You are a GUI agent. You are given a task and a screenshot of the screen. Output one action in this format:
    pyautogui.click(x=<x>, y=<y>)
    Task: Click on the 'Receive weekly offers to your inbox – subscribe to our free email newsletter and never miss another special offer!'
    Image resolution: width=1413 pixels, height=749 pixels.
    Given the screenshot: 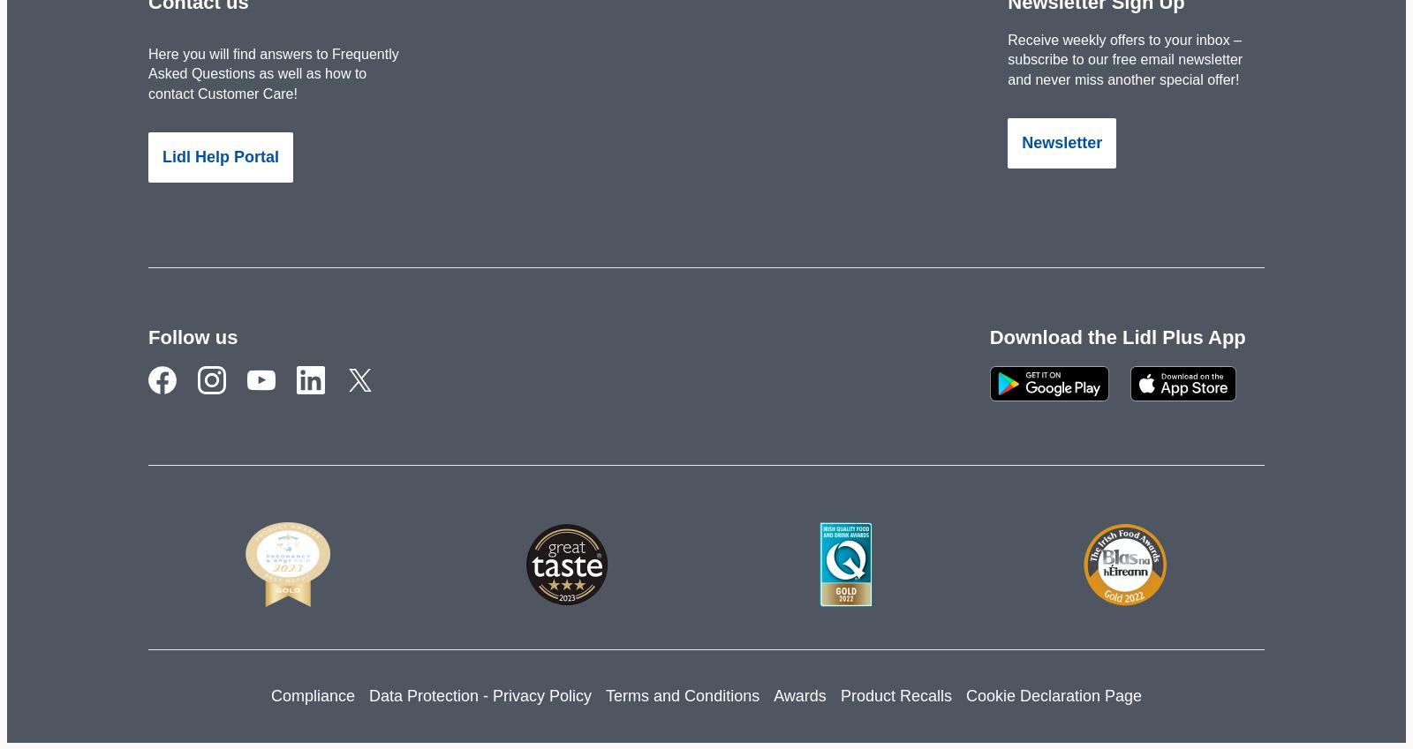 What is the action you would take?
    pyautogui.click(x=1124, y=58)
    